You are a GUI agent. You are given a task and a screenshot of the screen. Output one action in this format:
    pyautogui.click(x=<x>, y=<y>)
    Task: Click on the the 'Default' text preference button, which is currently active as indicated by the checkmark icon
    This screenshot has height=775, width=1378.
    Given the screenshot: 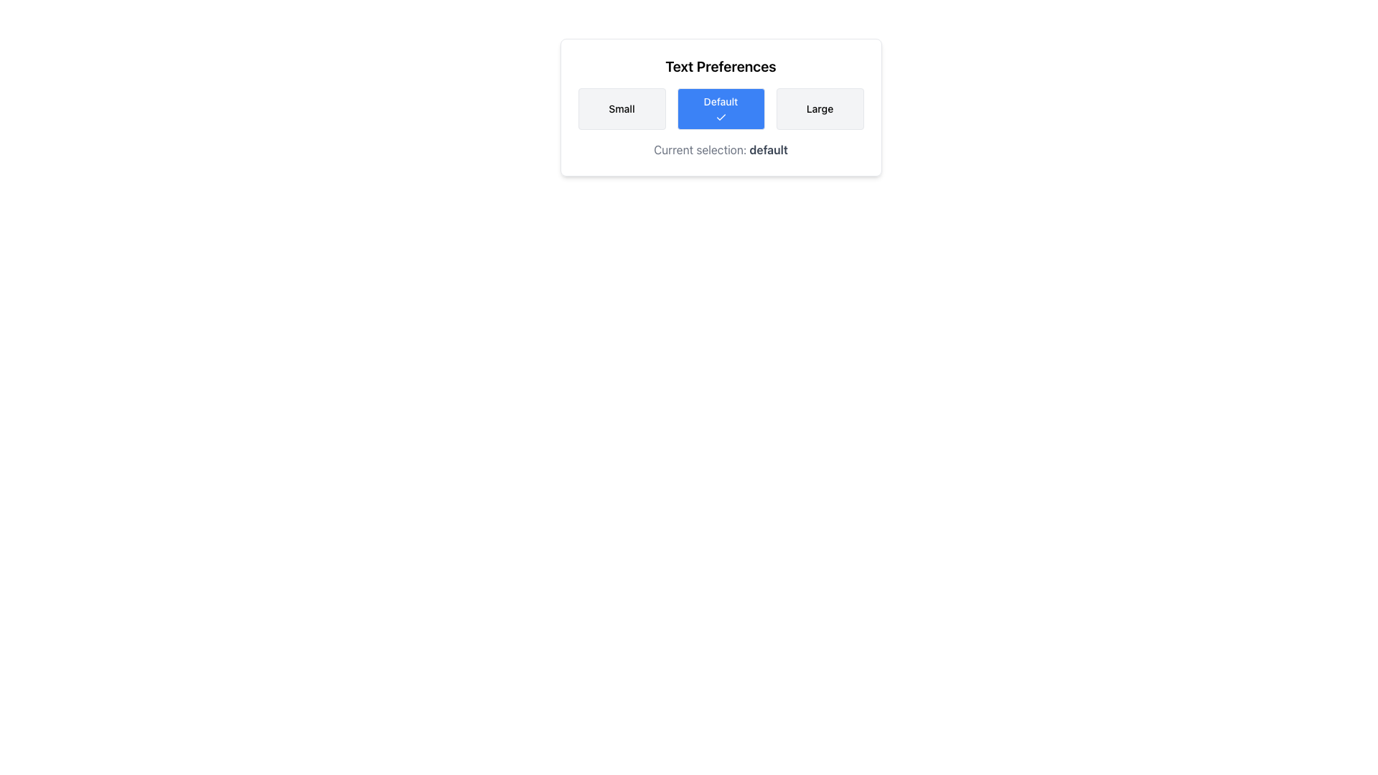 What is the action you would take?
    pyautogui.click(x=721, y=107)
    